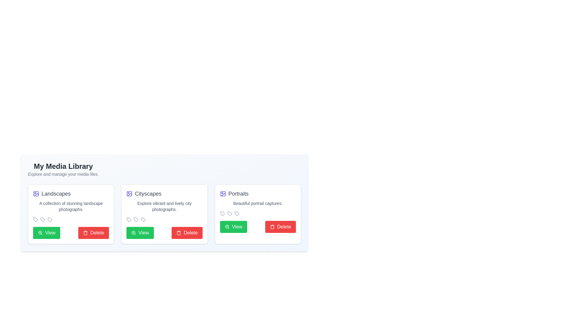  Describe the element at coordinates (143, 233) in the screenshot. I see `the 'View' button located in the lower-left section of the 'Cityscapes' card` at that location.